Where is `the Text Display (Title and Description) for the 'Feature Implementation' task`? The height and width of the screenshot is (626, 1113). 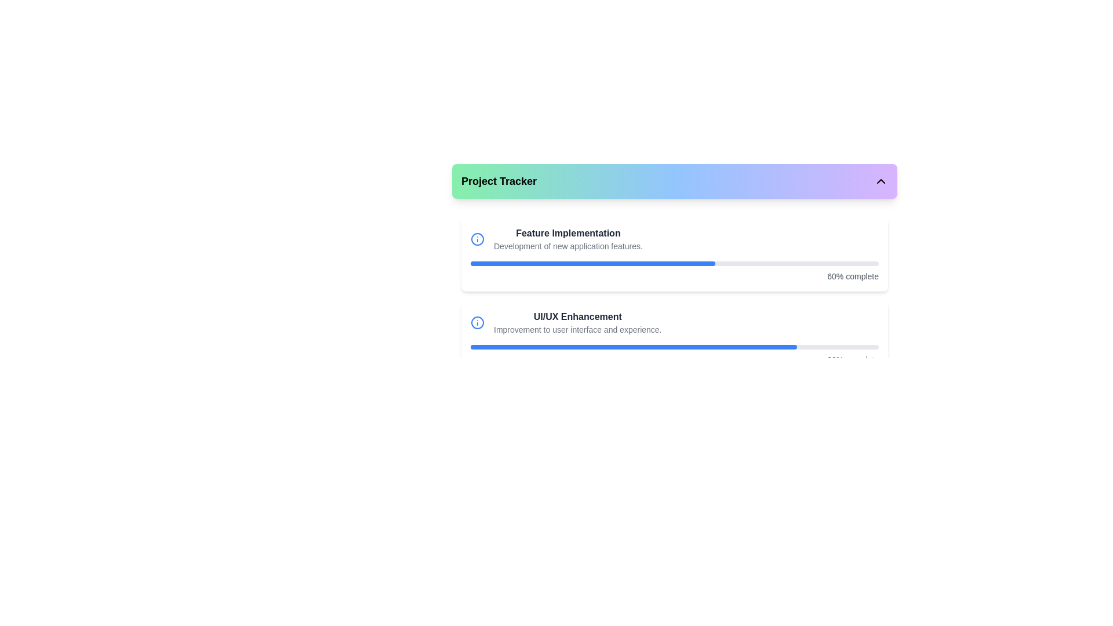 the Text Display (Title and Description) for the 'Feature Implementation' task is located at coordinates (568, 238).